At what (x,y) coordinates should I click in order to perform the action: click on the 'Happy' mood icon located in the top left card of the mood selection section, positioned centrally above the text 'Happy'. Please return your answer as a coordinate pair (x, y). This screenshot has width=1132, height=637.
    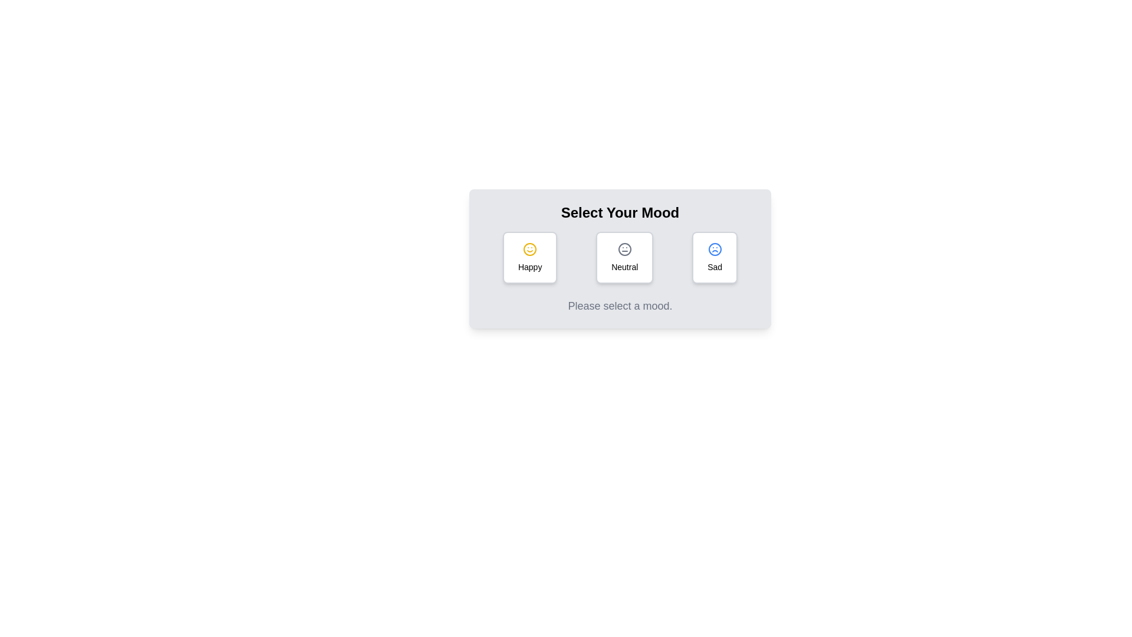
    Looking at the image, I should click on (529, 249).